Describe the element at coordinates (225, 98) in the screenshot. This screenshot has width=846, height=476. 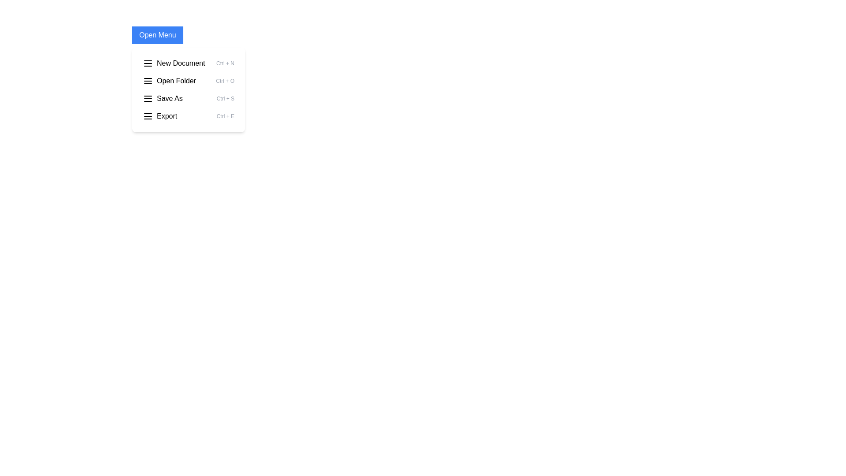
I see `the Keyboard Shortcut Indicator displaying 'Ctrl + S', which is located in the rightmost part of the 'Save As' menu item` at that location.